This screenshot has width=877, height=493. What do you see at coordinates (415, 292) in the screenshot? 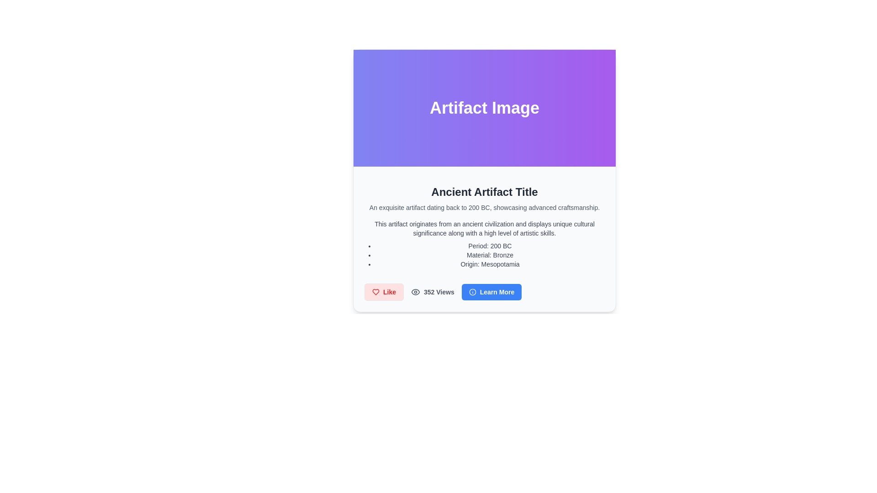
I see `the views icon located to the left of the '352 Views' text, which visually represents the concept of views associated with a post` at bounding box center [415, 292].